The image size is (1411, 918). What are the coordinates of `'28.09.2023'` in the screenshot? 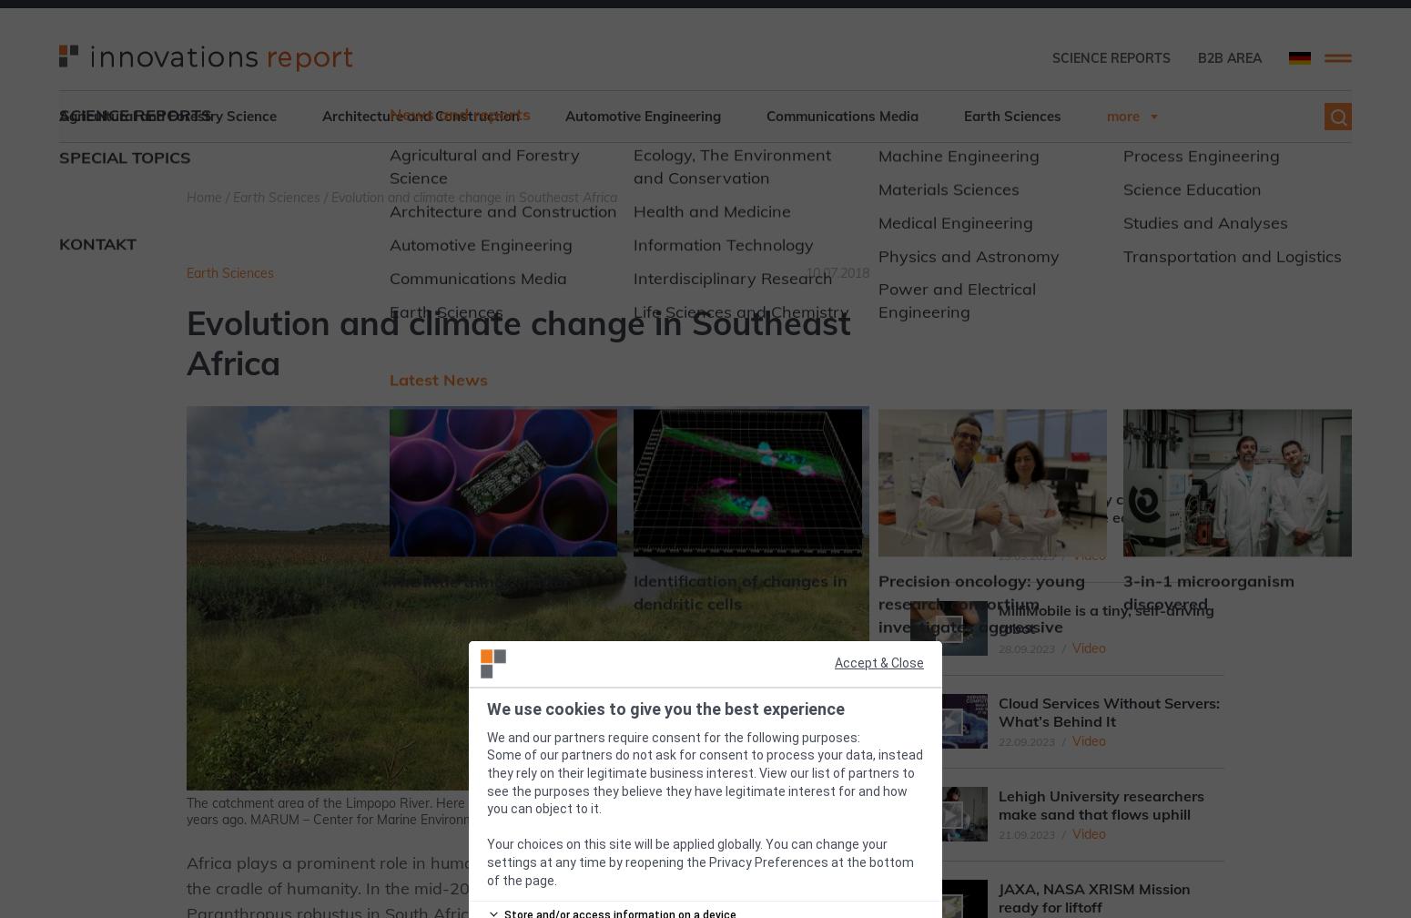 It's located at (997, 648).